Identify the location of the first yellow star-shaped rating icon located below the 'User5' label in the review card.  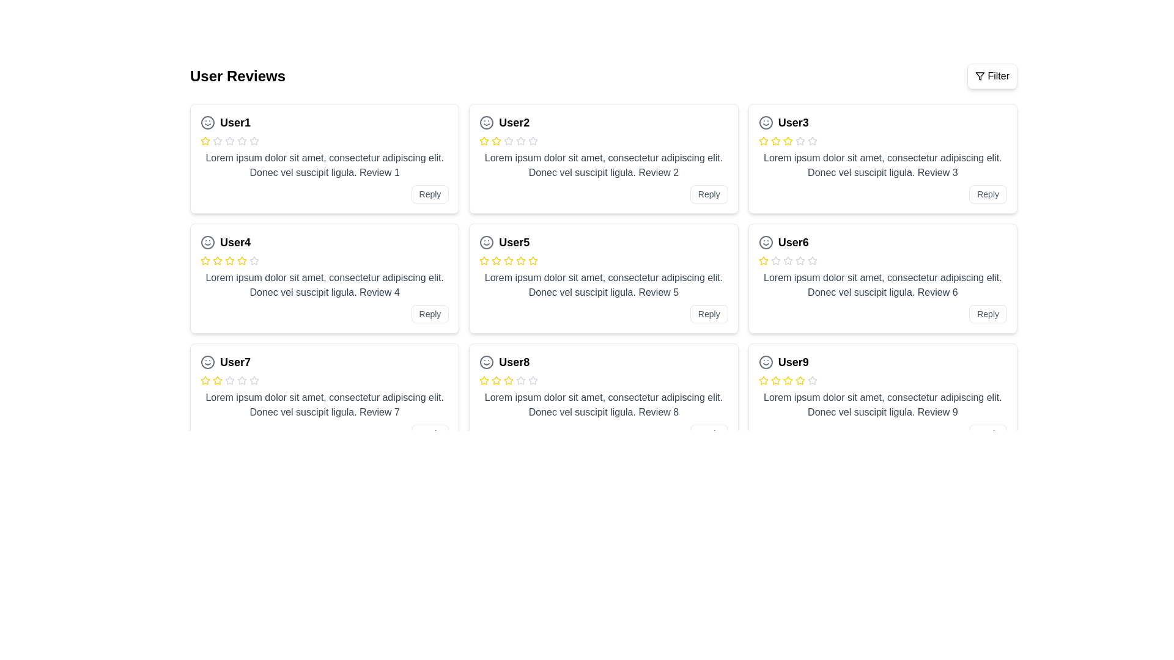
(484, 260).